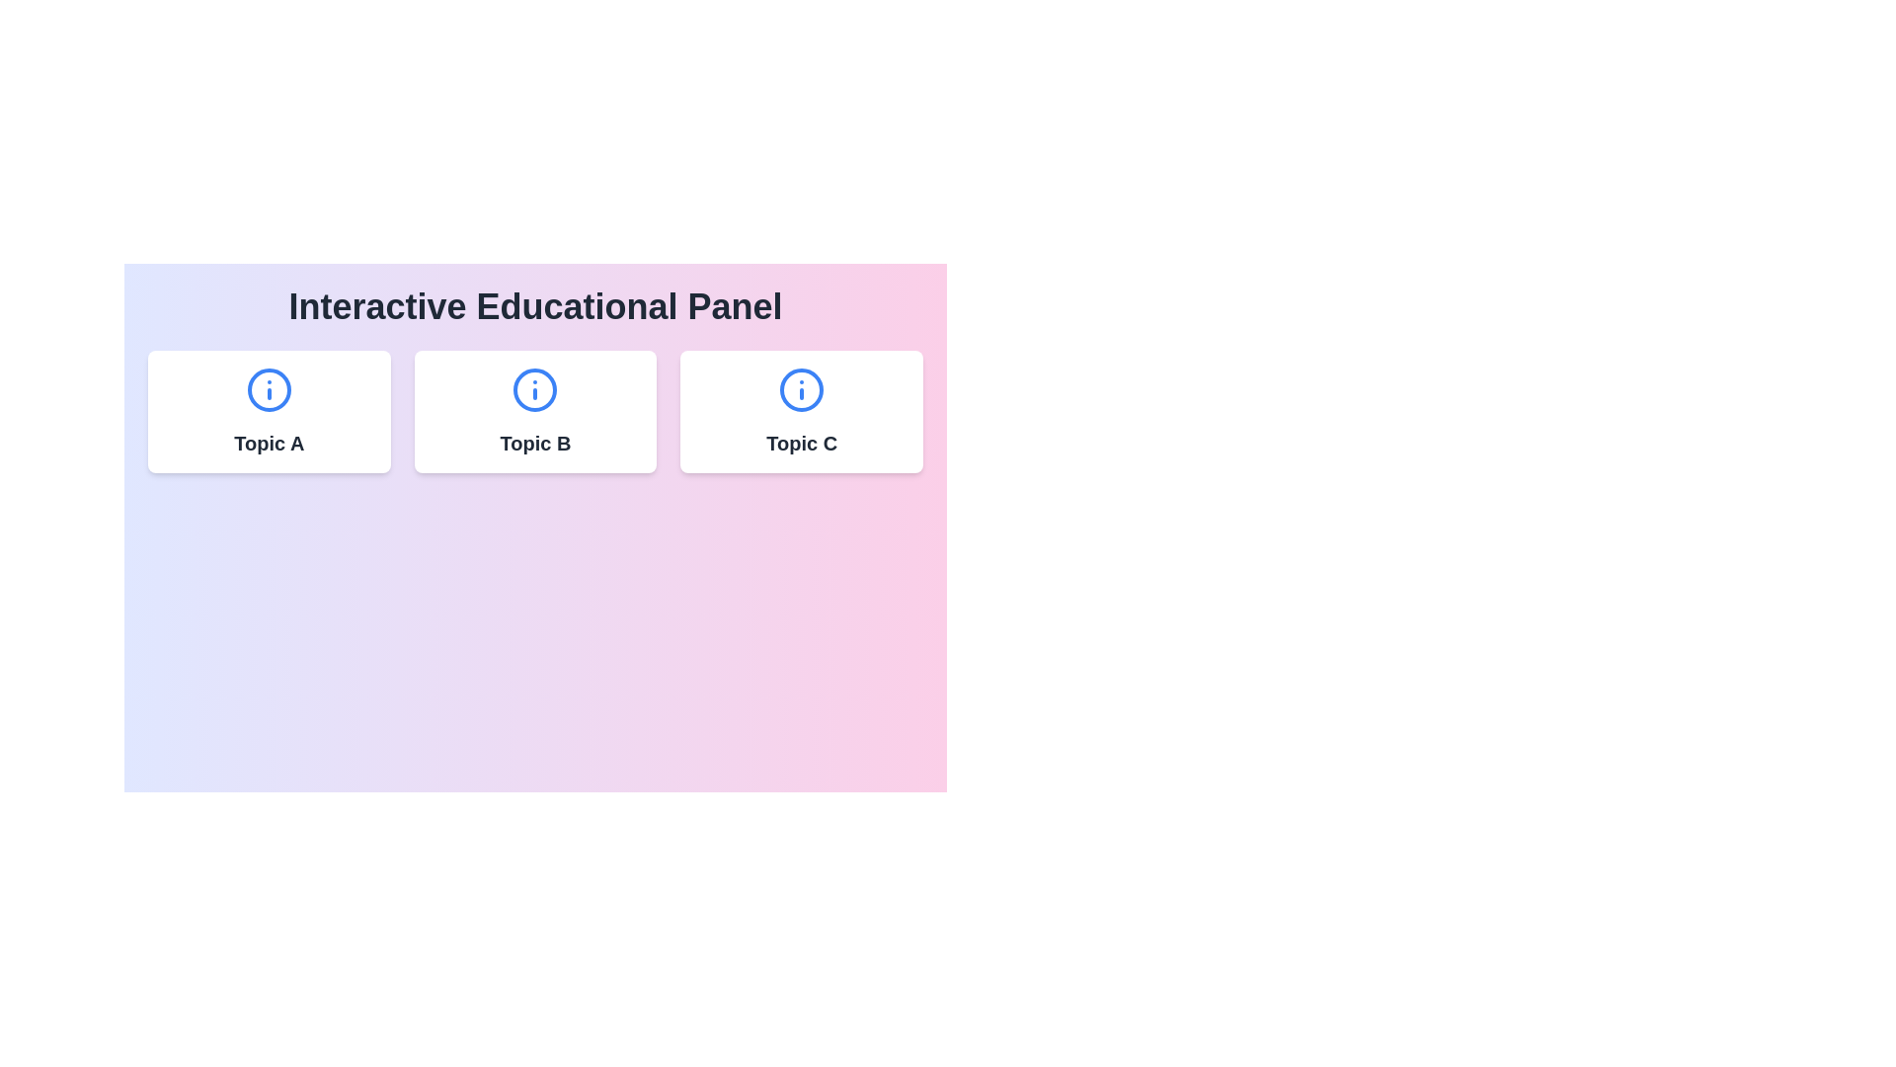 The height and width of the screenshot is (1067, 1896). I want to click on the tooltip element for 'Topic C', so click(802, 417).